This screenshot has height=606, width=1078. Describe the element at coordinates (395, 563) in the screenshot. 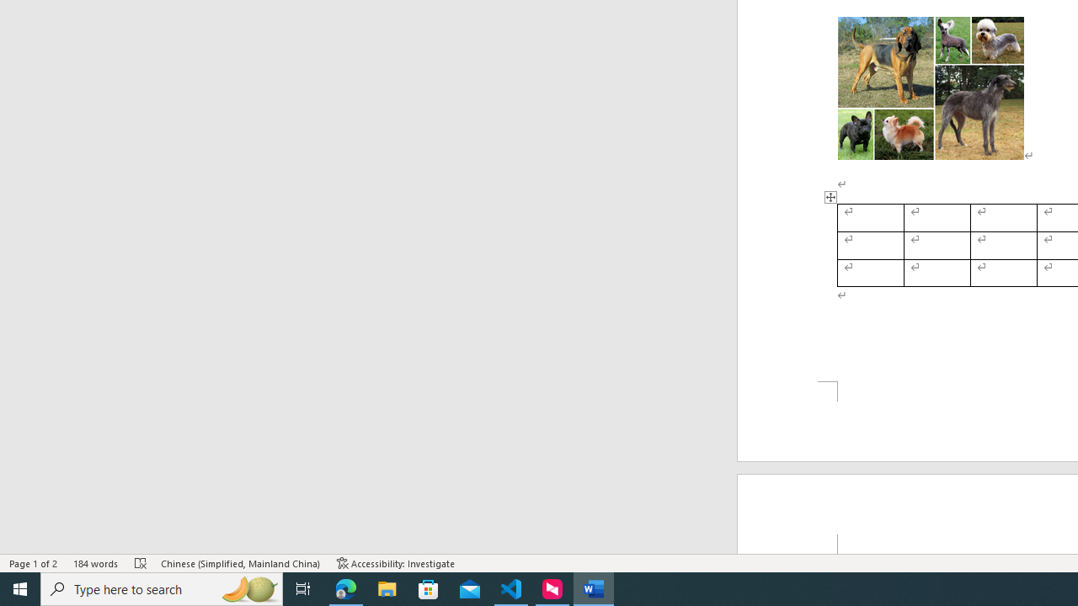

I see `'Accessibility Checker Accessibility: Investigate'` at that location.